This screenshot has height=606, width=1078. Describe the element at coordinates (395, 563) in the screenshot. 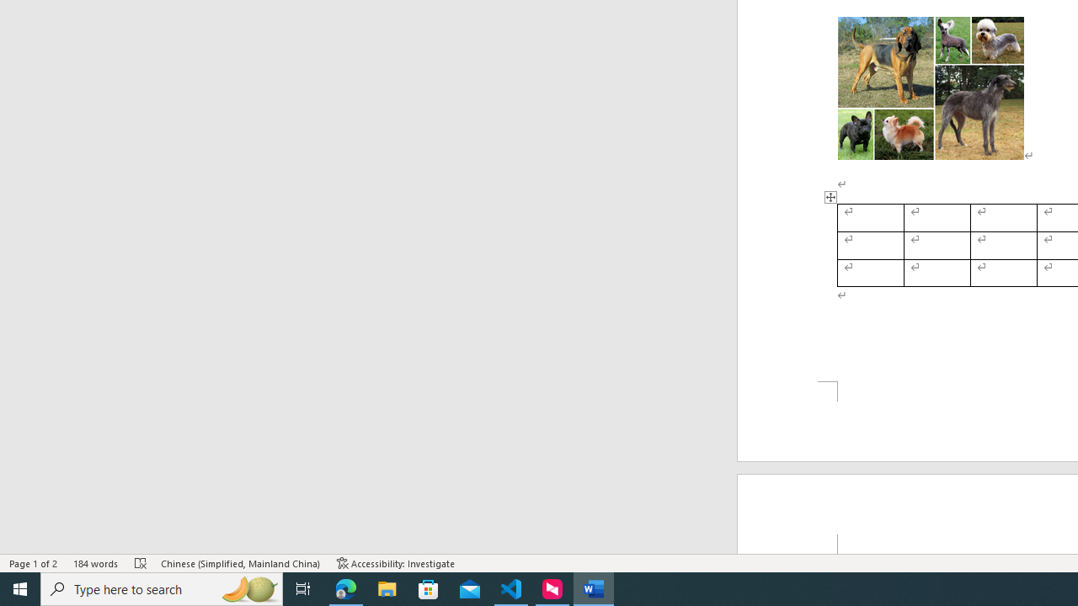

I see `'Accessibility Checker Accessibility: Investigate'` at that location.